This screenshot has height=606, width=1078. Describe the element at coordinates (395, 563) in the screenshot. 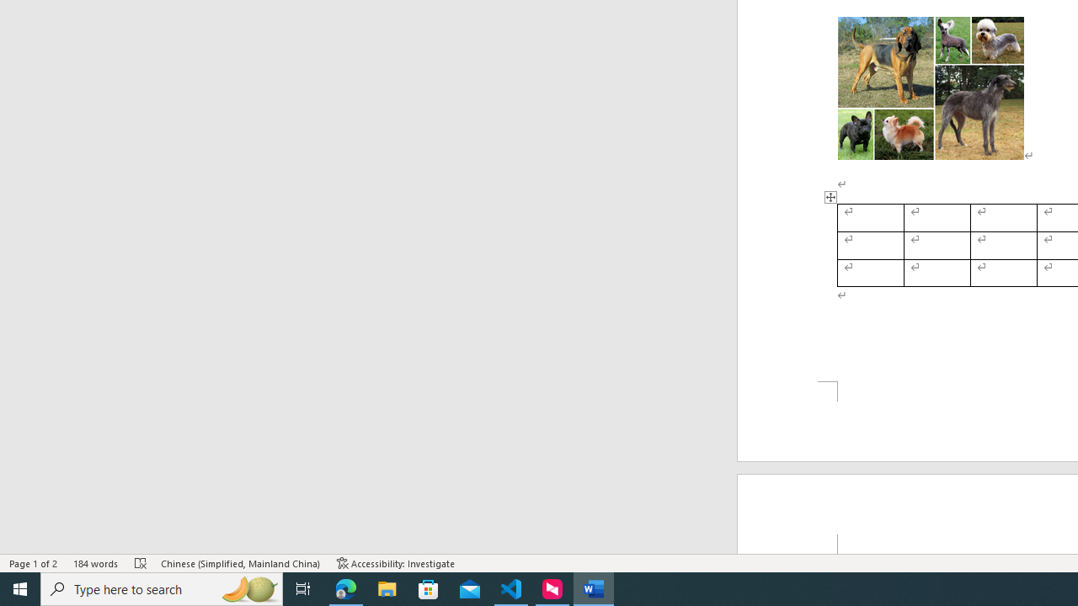

I see `'Accessibility Checker Accessibility: Investigate'` at that location.